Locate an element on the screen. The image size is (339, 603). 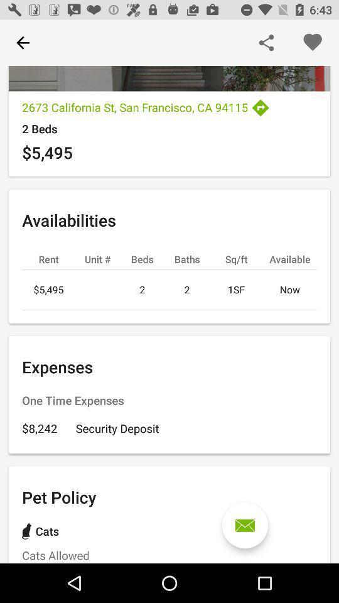
mark it favourite option is located at coordinates (311, 43).